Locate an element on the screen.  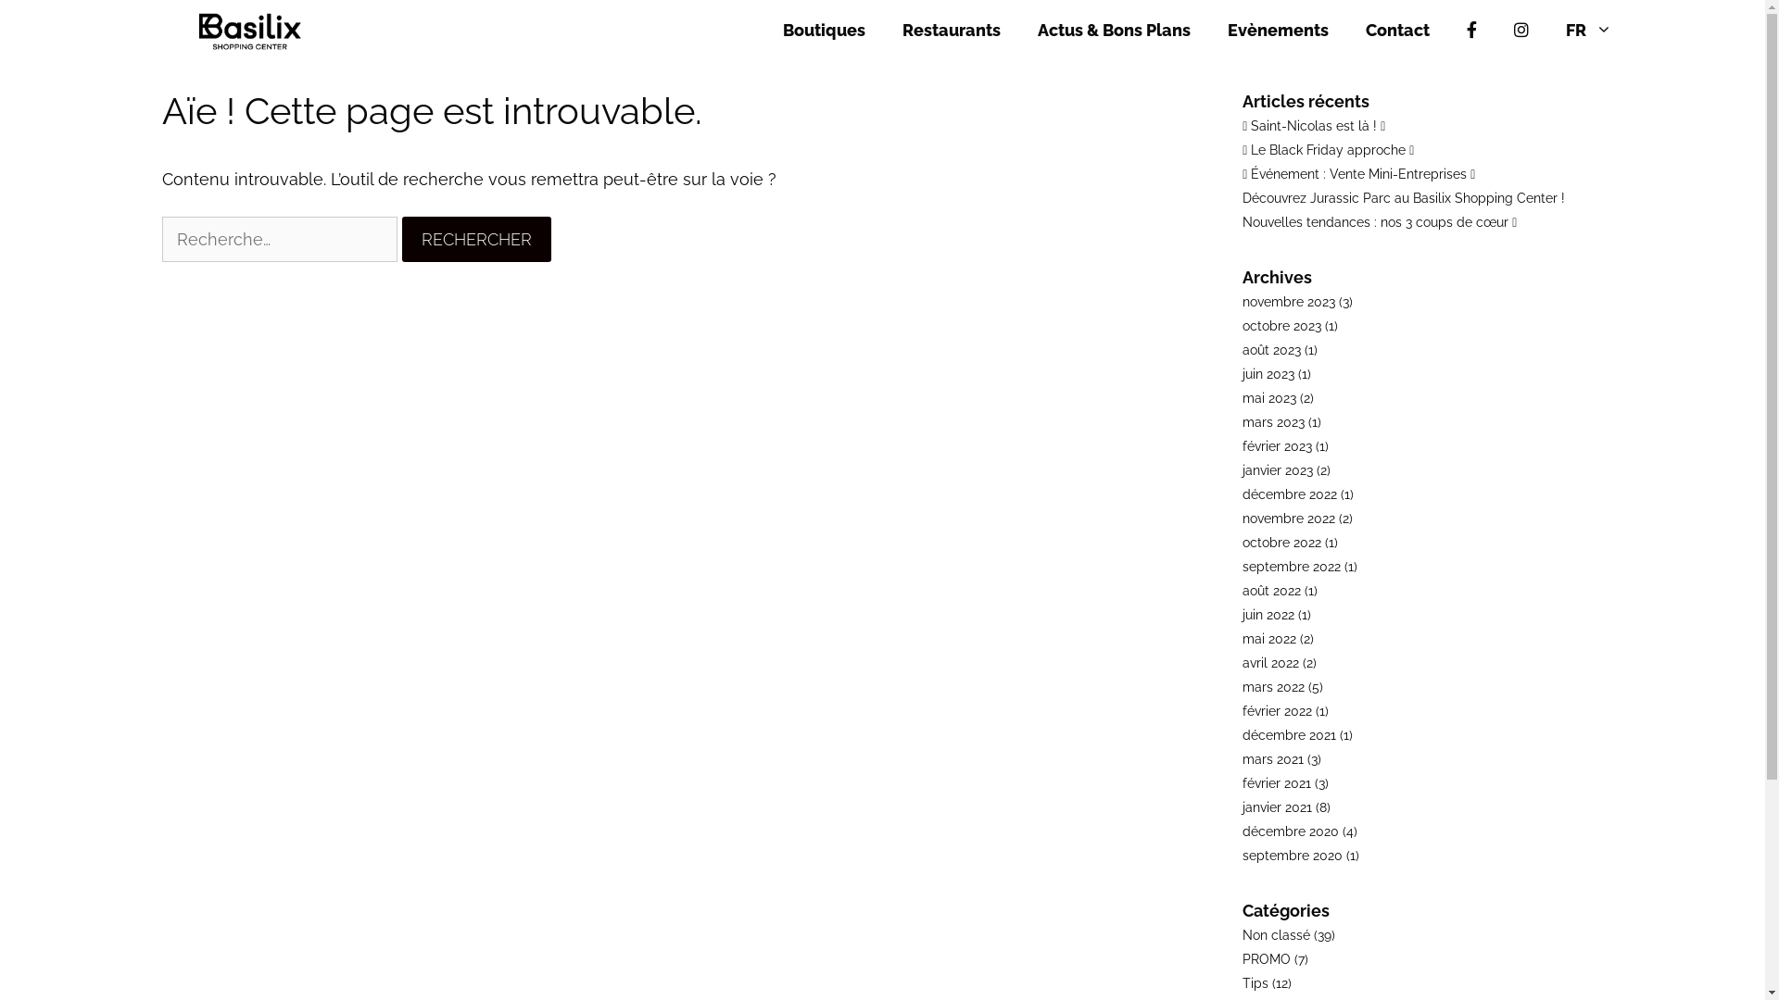
'Actus & Bons Plans' is located at coordinates (1017, 31).